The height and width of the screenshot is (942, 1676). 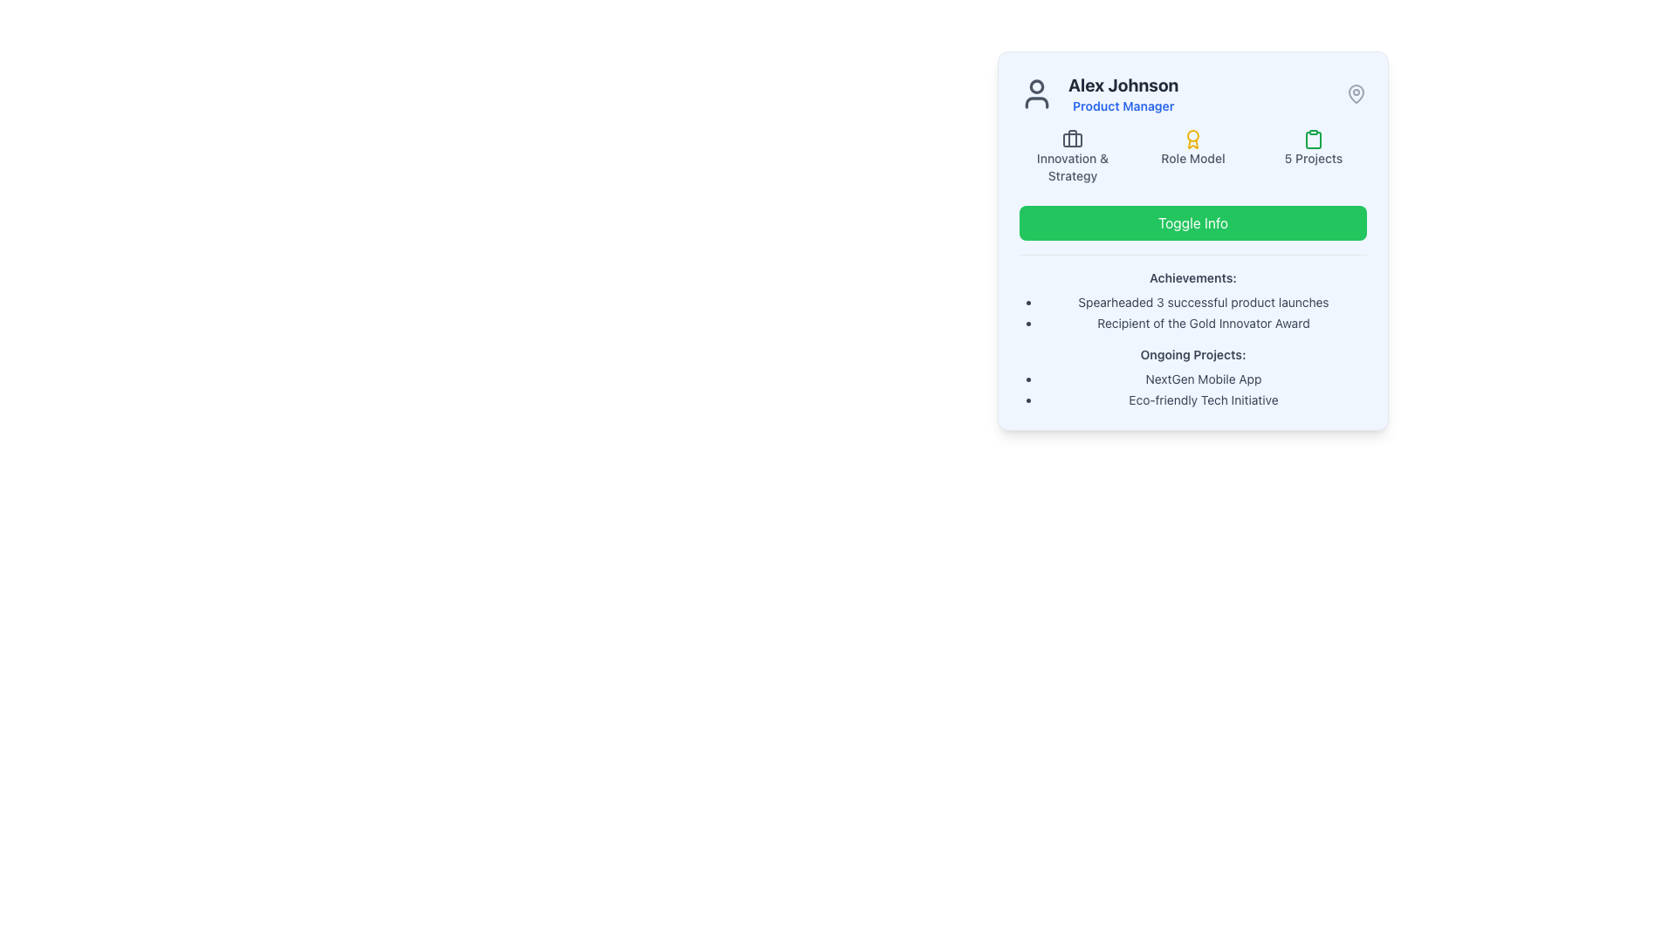 I want to click on the text label that denotes the project name 'NextGen Mobile App', located in the 'Ongoing Projects' section of the information card, so click(x=1202, y=379).